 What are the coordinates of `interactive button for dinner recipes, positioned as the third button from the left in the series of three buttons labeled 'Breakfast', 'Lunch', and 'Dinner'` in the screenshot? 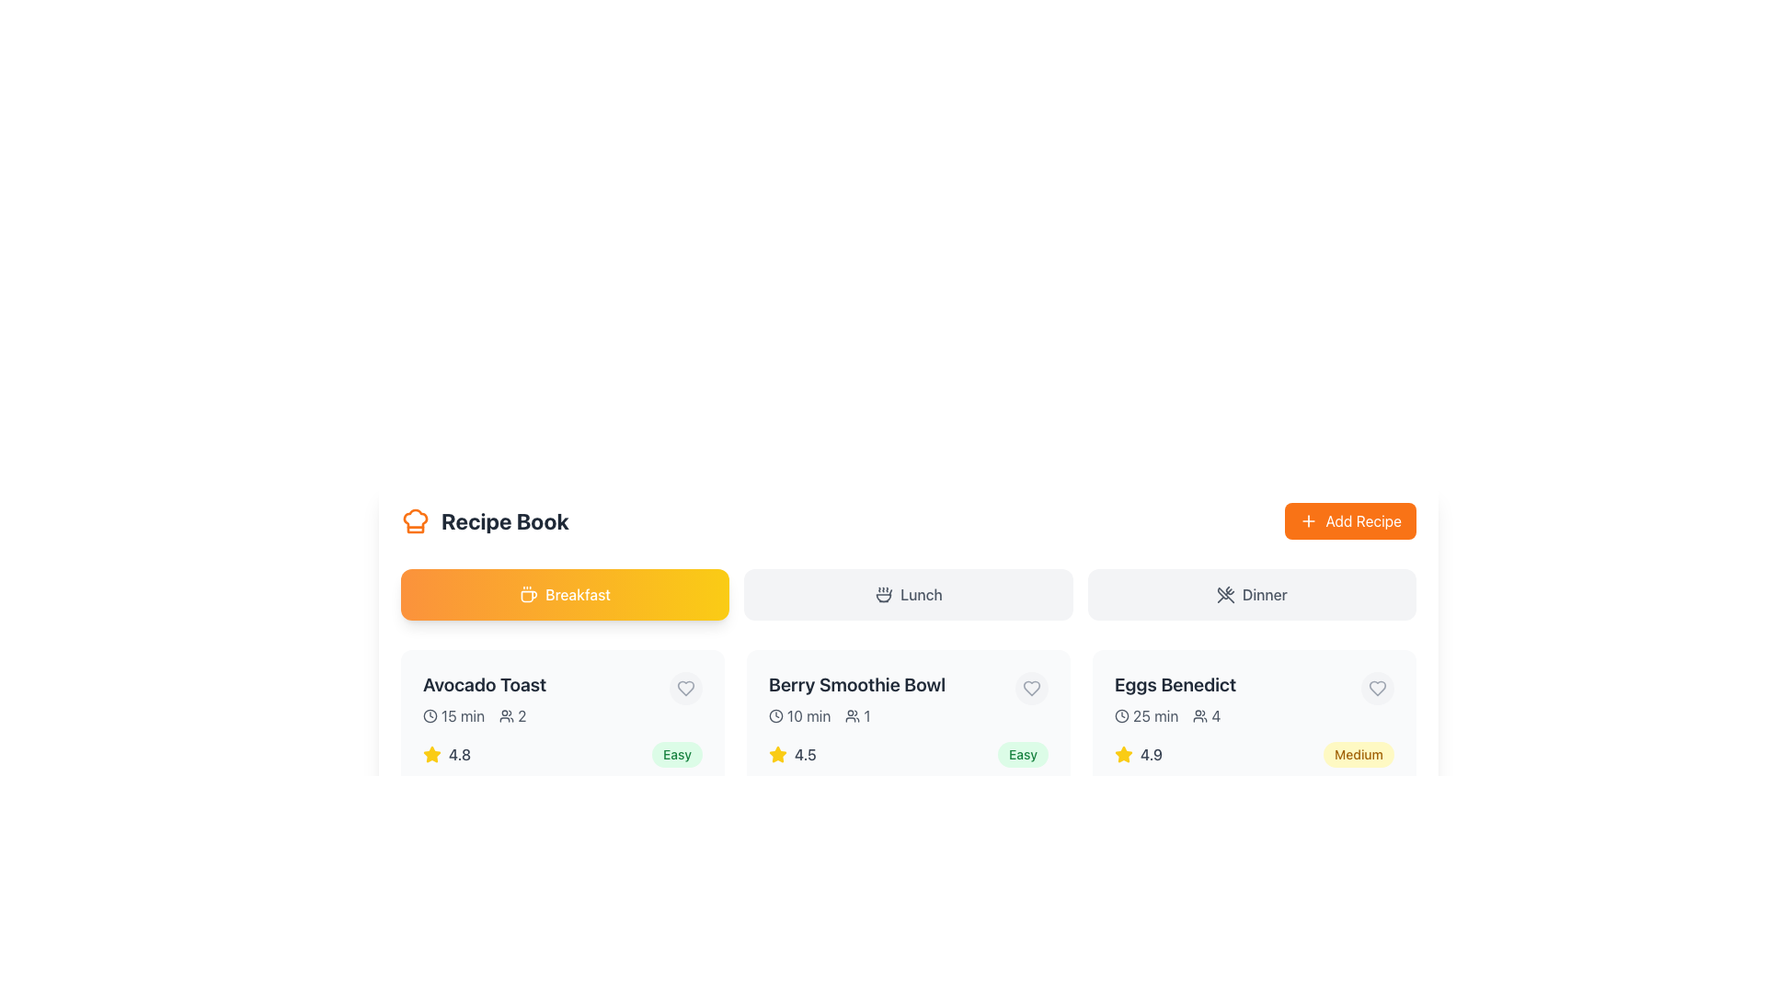 It's located at (1251, 595).